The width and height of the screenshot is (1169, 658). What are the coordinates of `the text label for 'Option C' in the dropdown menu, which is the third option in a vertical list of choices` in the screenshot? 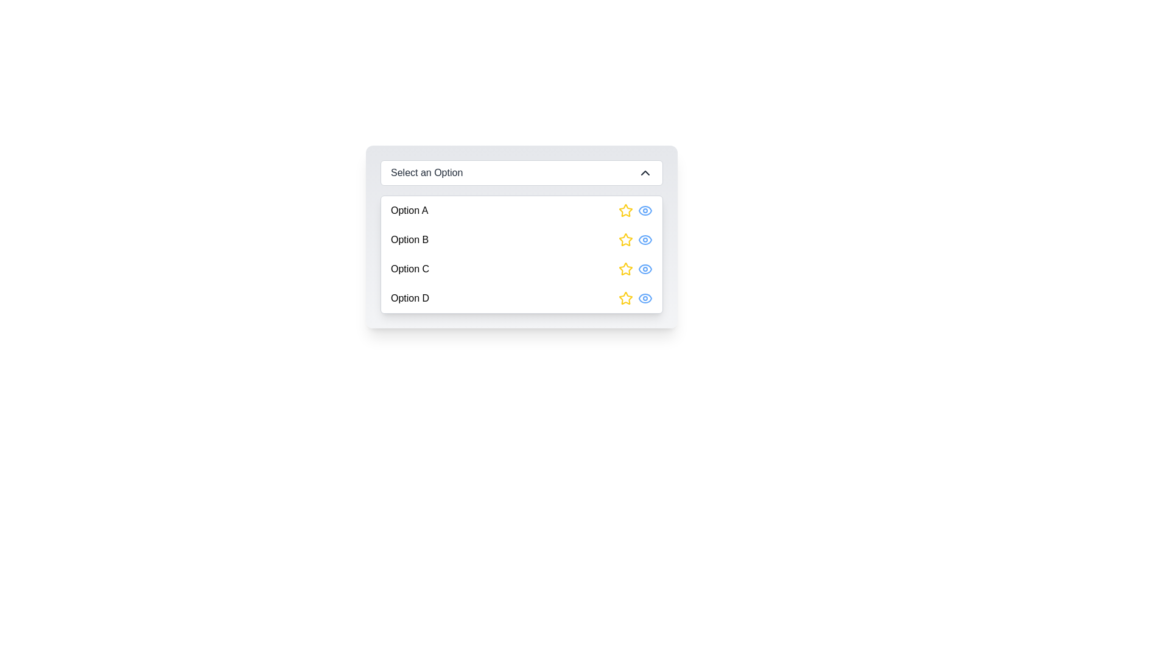 It's located at (410, 269).